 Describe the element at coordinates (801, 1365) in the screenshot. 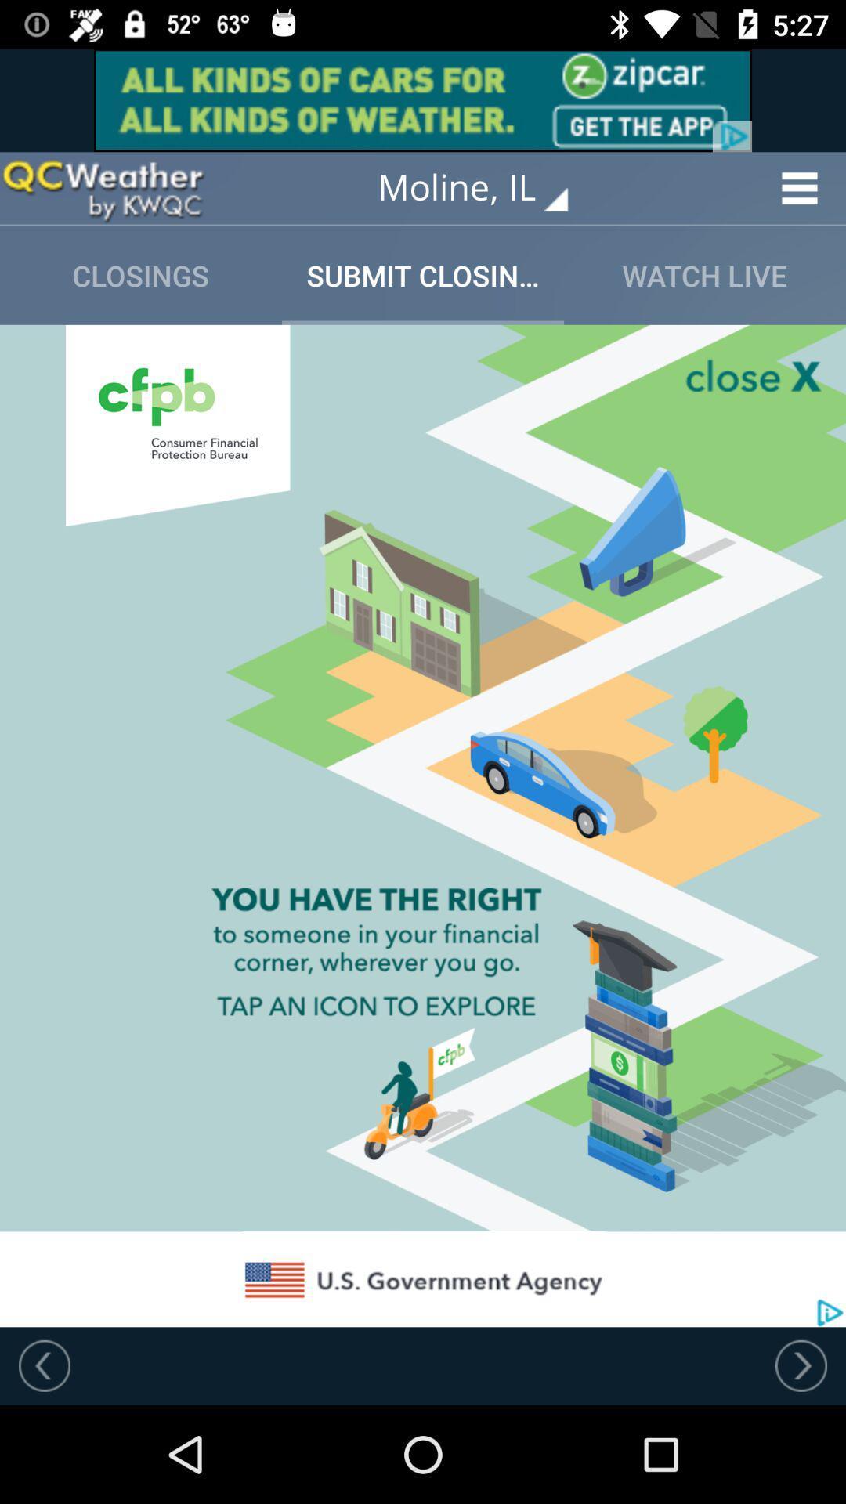

I see `next field` at that location.